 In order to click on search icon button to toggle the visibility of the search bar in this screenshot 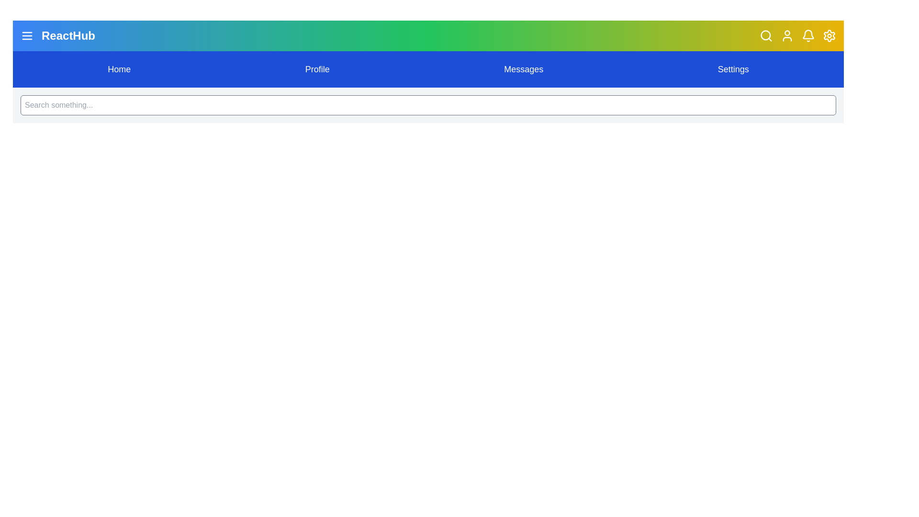, I will do `click(766, 35)`.